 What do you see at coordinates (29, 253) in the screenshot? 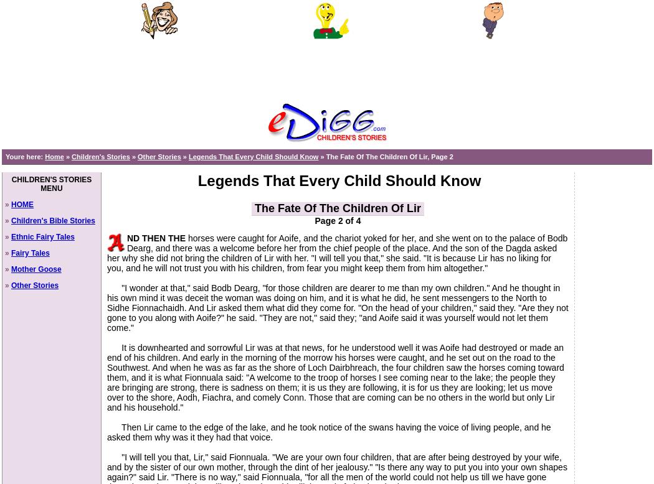
I see `'Fairy Tales'` at bounding box center [29, 253].